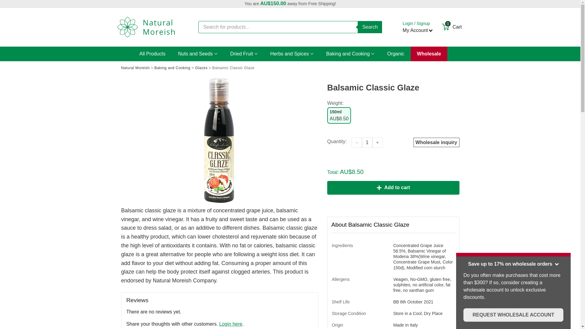 This screenshot has width=585, height=329. What do you see at coordinates (358, 27) in the screenshot?
I see `'Search'` at bounding box center [358, 27].